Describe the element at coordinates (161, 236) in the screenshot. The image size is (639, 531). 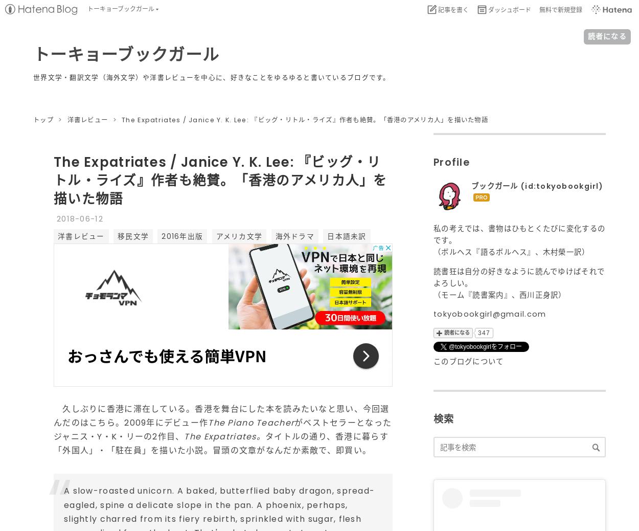
I see `'2016年出版'` at that location.